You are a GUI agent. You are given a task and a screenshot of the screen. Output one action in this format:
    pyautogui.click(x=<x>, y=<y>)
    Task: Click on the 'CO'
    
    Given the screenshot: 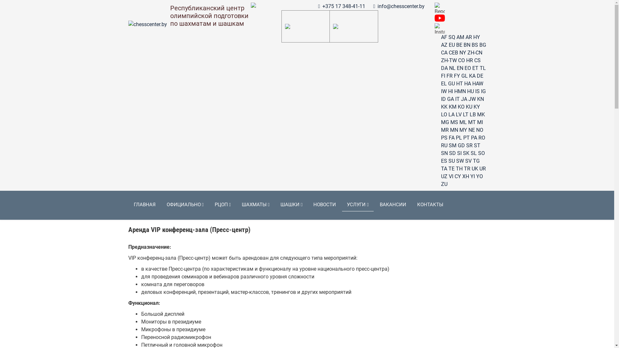 What is the action you would take?
    pyautogui.click(x=457, y=60)
    